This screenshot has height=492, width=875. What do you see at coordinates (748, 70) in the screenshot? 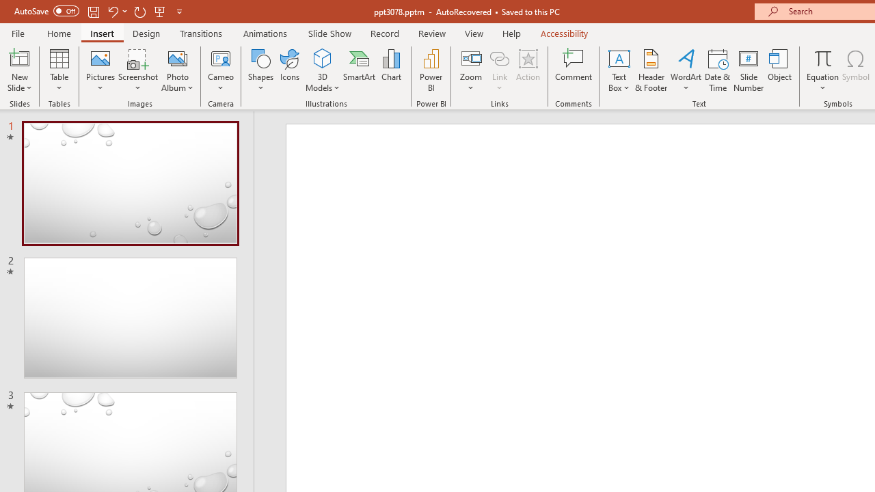
I see `'Slide Number'` at bounding box center [748, 70].